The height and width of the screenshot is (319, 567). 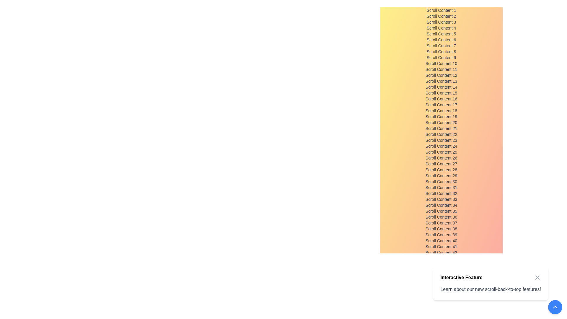 What do you see at coordinates (441, 87) in the screenshot?
I see `the non-interactive text label displaying 'Scroll Content 14', which is the 14th item in a vertical scrollable list, centered horizontally` at bounding box center [441, 87].